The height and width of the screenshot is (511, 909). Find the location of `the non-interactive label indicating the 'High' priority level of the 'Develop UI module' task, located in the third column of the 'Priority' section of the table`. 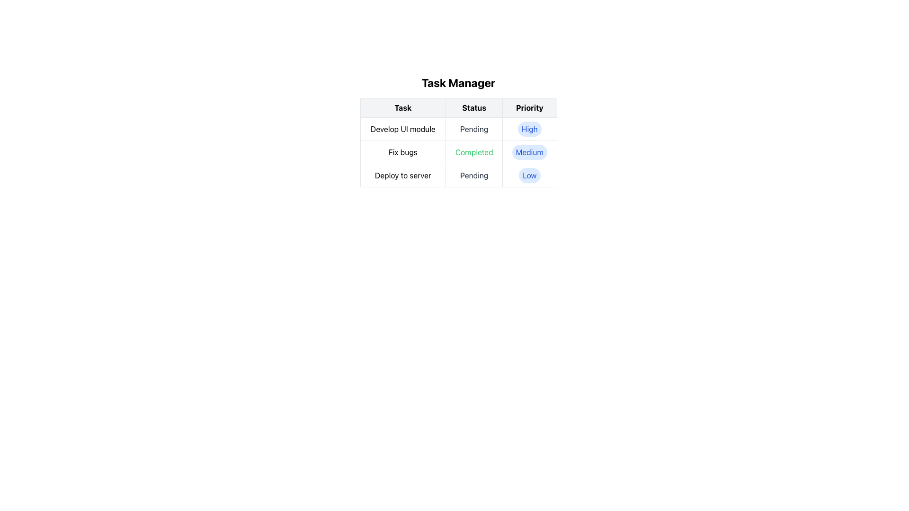

the non-interactive label indicating the 'High' priority level of the 'Develop UI module' task, located in the third column of the 'Priority' section of the table is located at coordinates (529, 129).